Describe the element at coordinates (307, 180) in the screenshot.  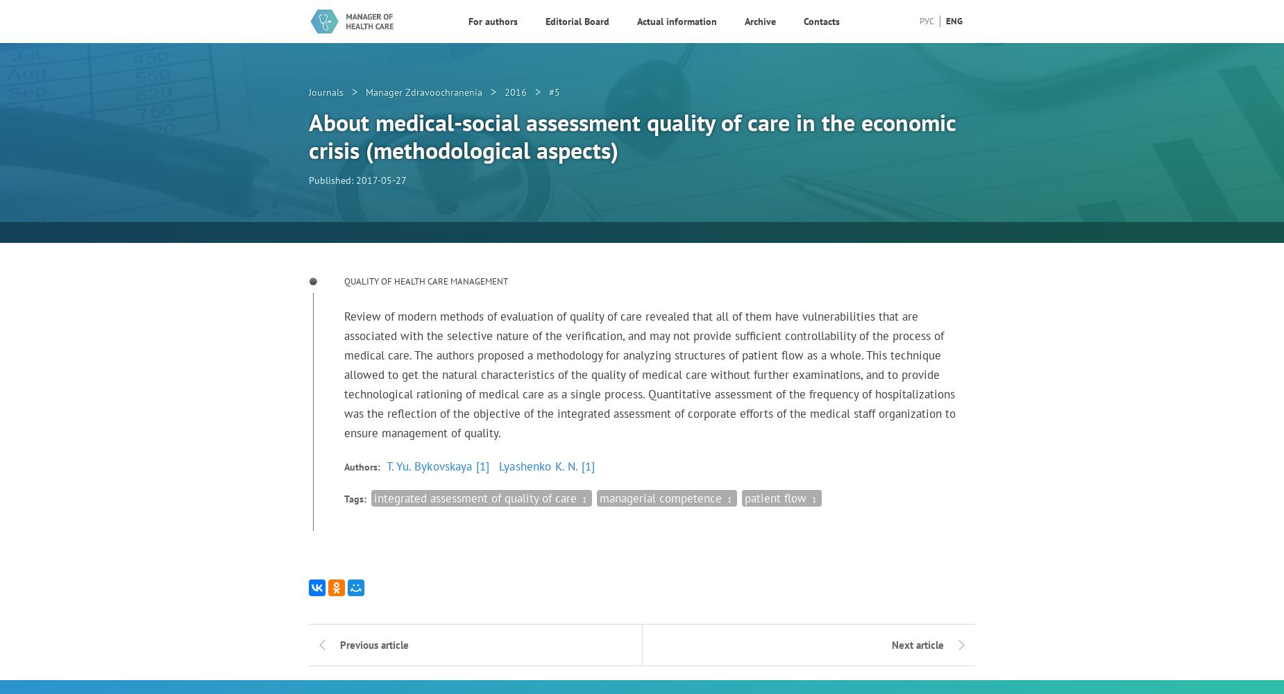
I see `'Published: 2017-05-27'` at that location.